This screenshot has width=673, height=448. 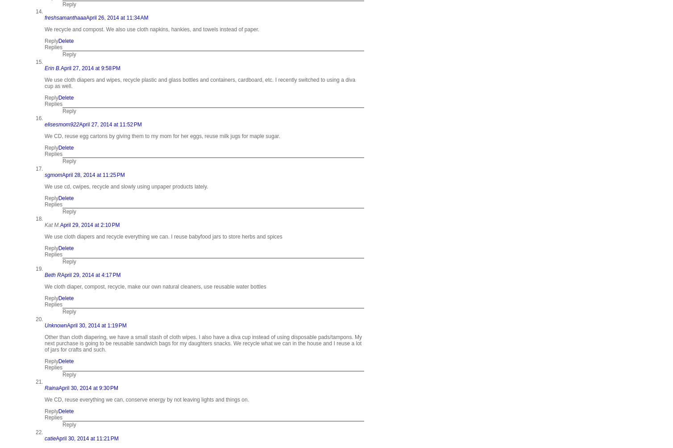 What do you see at coordinates (155, 287) in the screenshot?
I see `'We cloth diaper, compost, recycle, make our own natural cleaners, use reusable water bottles'` at bounding box center [155, 287].